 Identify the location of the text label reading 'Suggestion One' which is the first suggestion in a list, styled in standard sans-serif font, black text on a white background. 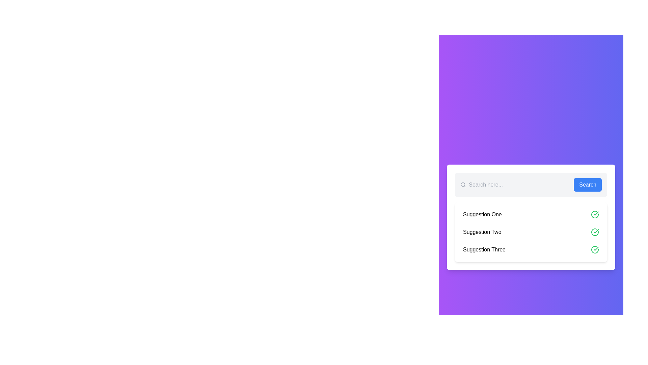
(482, 215).